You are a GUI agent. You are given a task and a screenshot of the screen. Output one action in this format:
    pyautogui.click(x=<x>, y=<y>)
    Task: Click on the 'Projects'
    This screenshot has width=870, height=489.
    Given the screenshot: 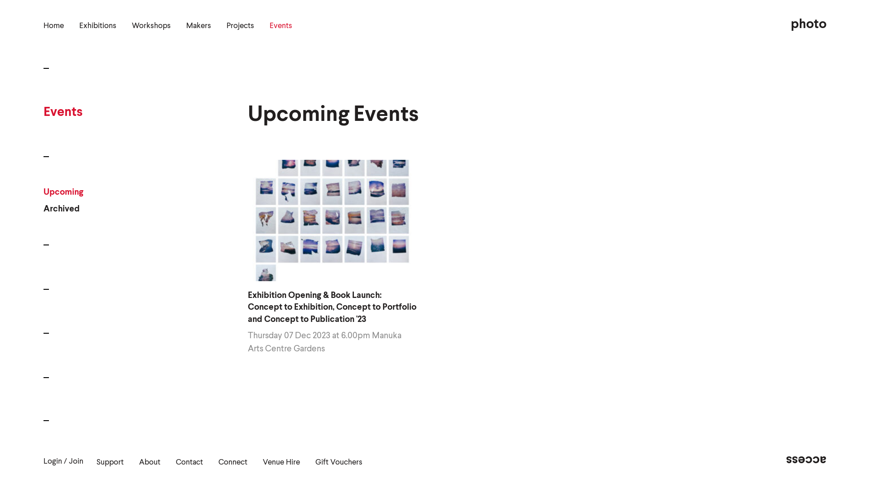 What is the action you would take?
    pyautogui.click(x=240, y=25)
    